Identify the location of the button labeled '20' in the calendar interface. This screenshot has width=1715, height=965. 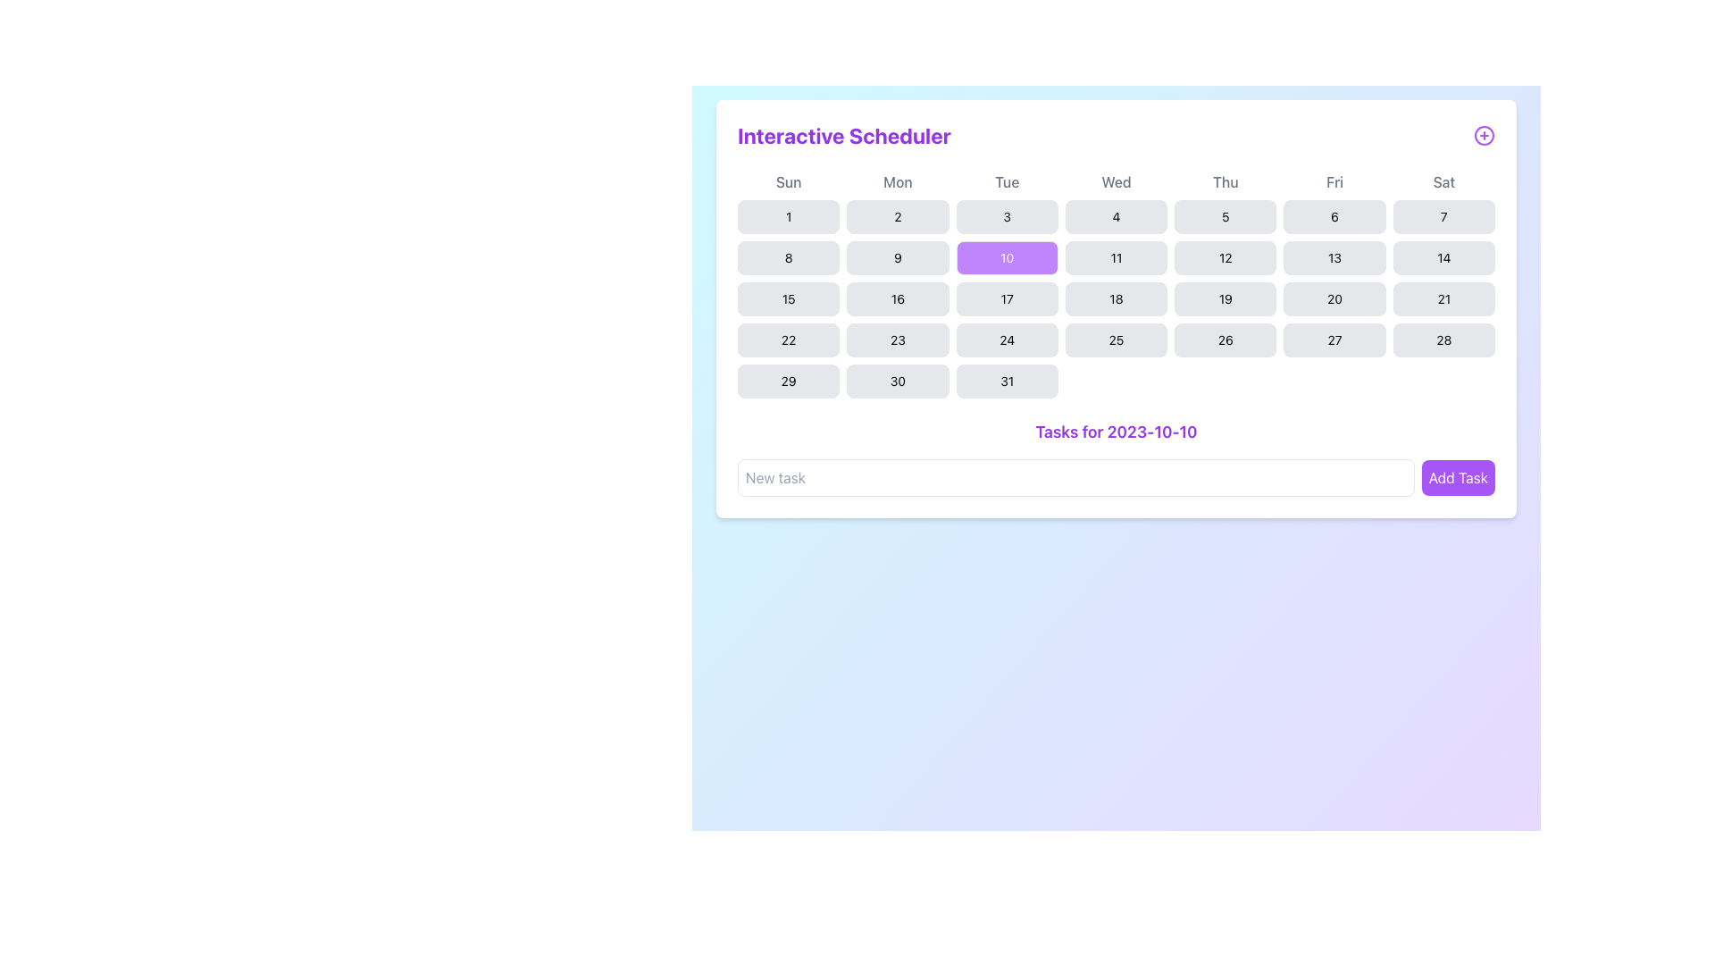
(1334, 298).